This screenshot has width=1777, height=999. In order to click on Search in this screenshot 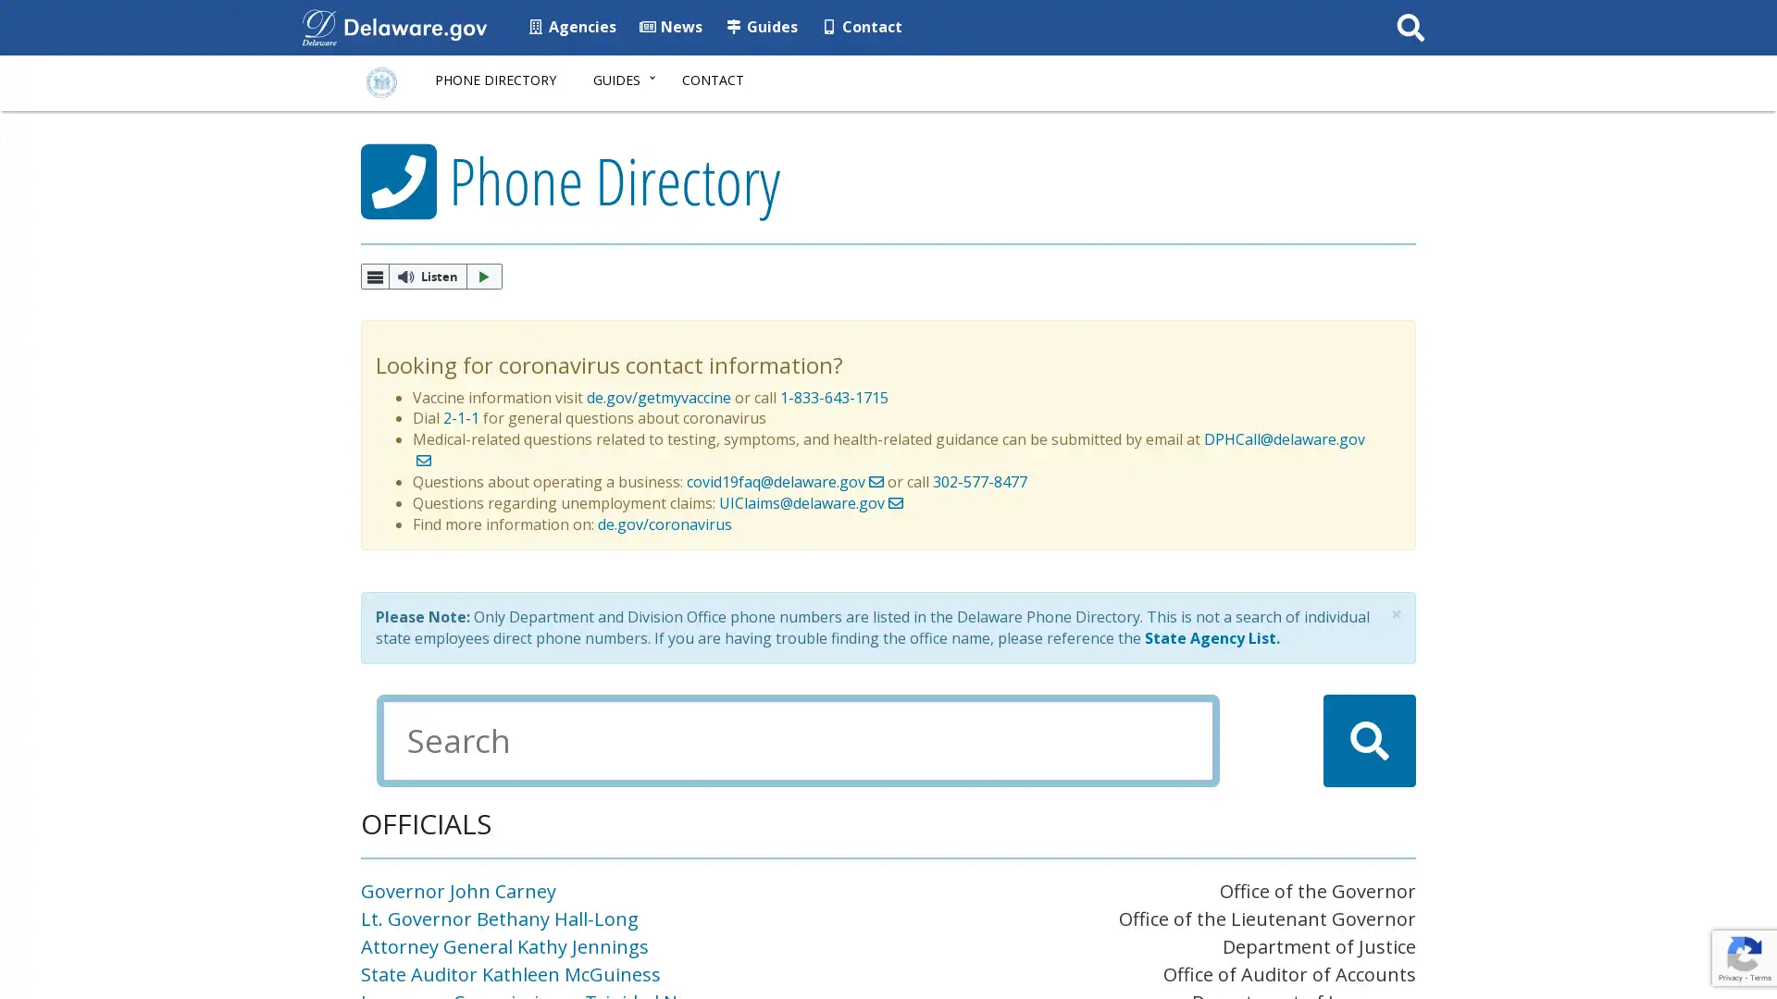, I will do `click(1369, 738)`.